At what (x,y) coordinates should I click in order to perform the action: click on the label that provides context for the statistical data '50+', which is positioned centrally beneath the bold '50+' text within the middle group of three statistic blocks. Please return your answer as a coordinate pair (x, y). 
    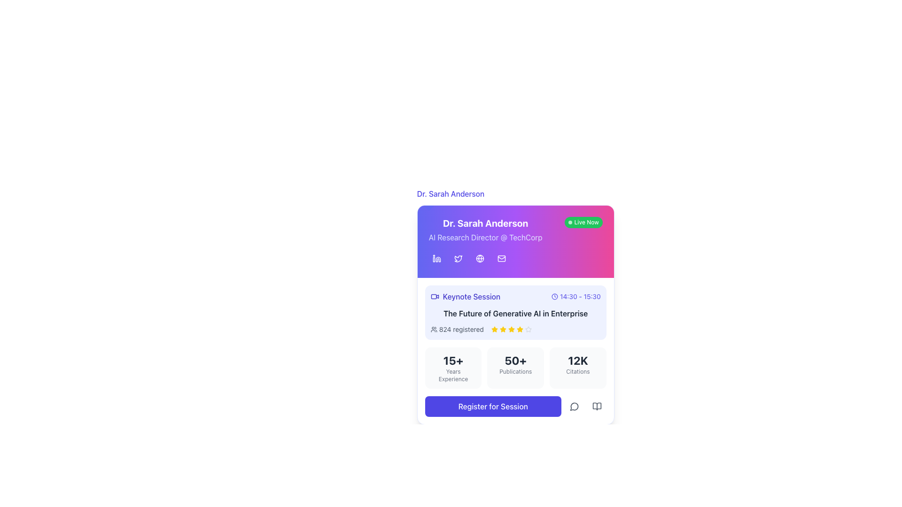
    Looking at the image, I should click on (515, 371).